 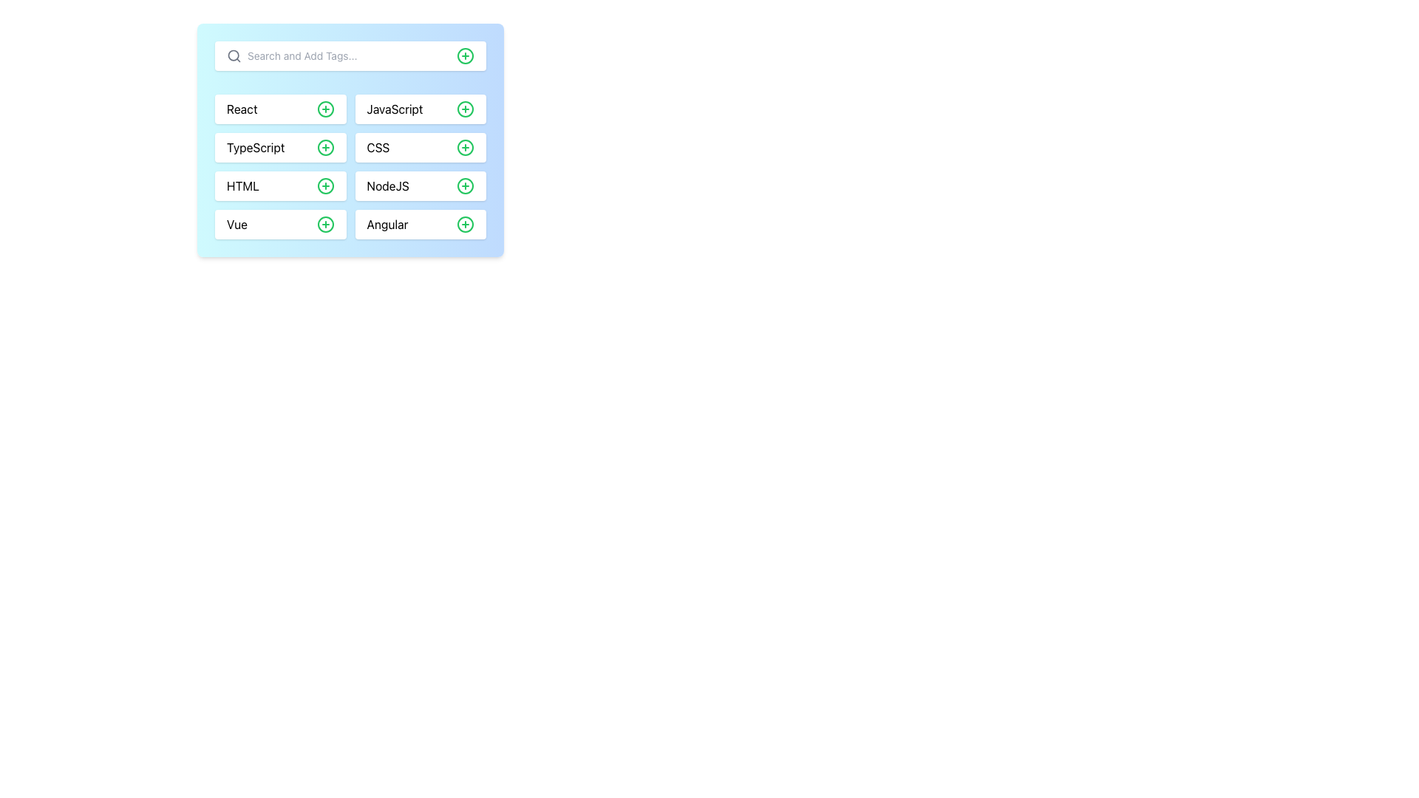 I want to click on the text label displaying 'JavaScript' which is a non-interactive element in a rectangular button with a white background and rounded corners, so click(x=395, y=108).